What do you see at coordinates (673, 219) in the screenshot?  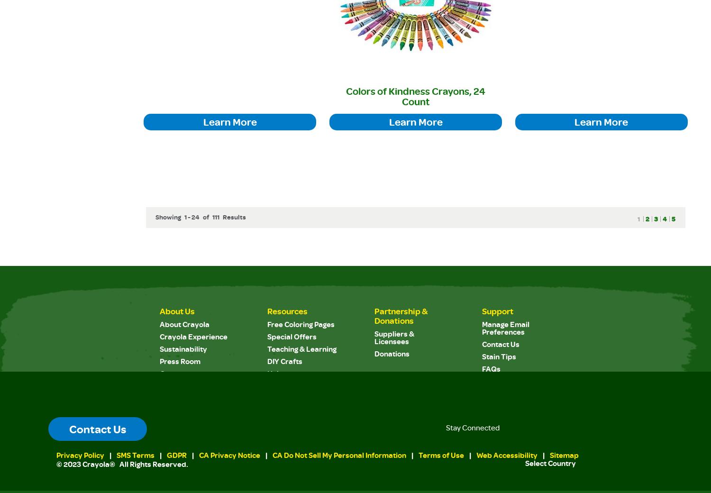 I see `'5'` at bounding box center [673, 219].